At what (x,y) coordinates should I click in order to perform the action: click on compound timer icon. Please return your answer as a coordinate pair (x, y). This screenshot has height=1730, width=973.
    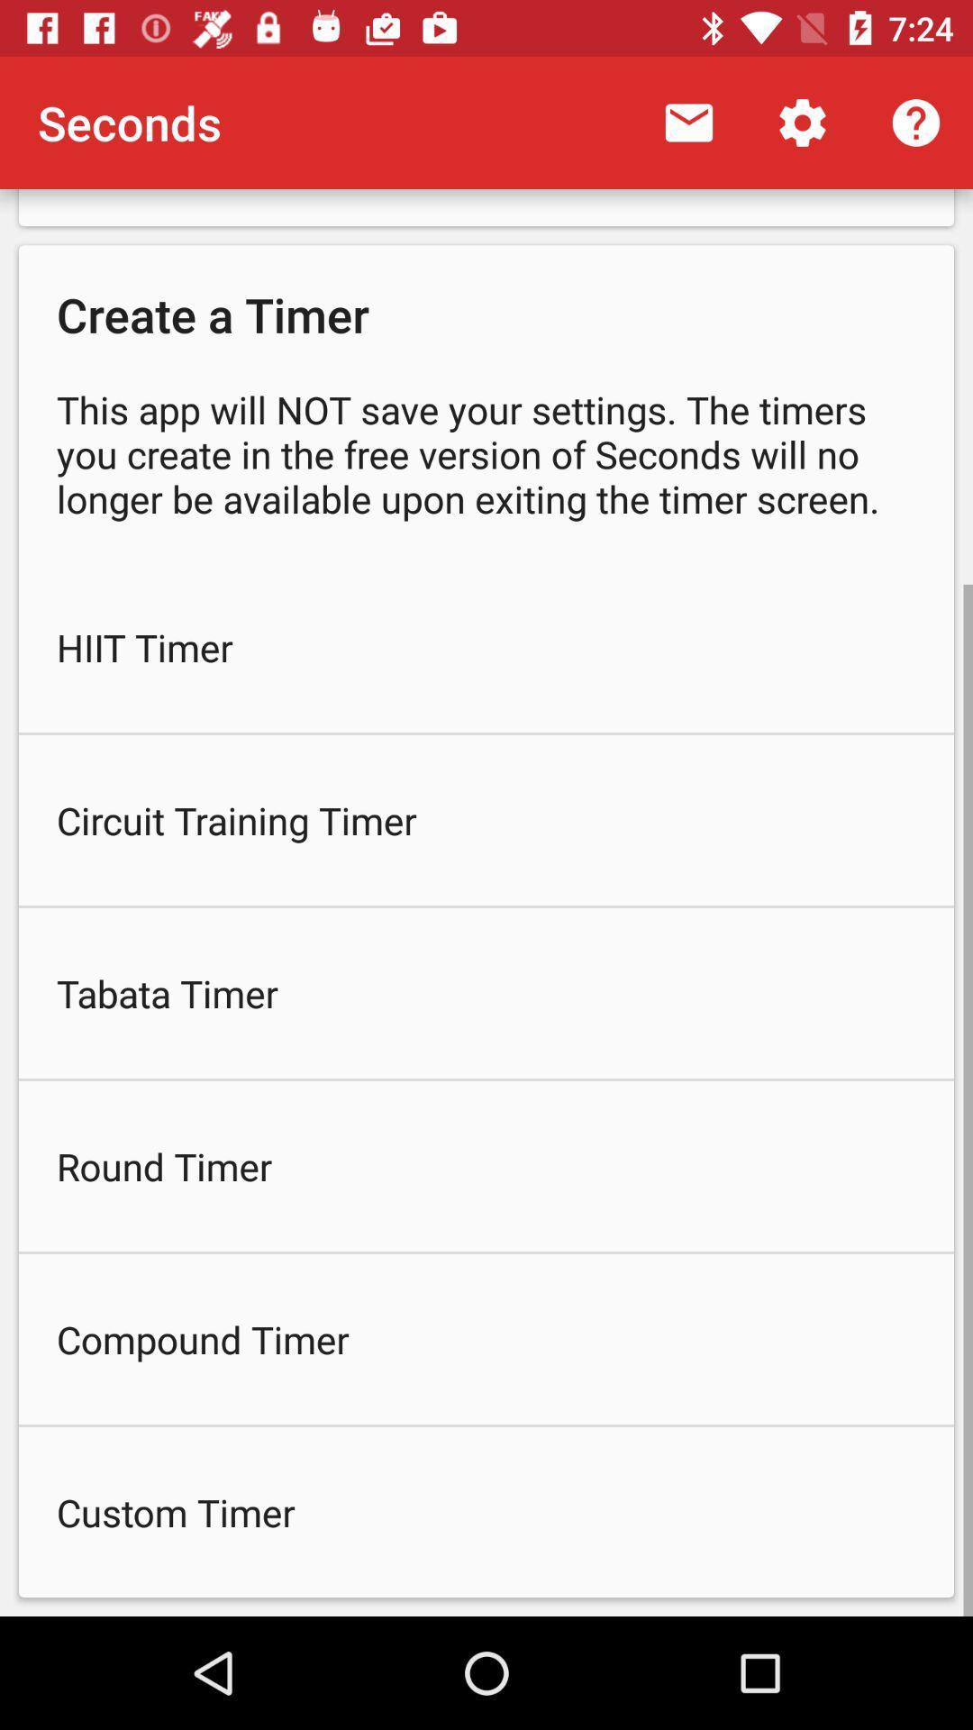
    Looking at the image, I should click on (486, 1339).